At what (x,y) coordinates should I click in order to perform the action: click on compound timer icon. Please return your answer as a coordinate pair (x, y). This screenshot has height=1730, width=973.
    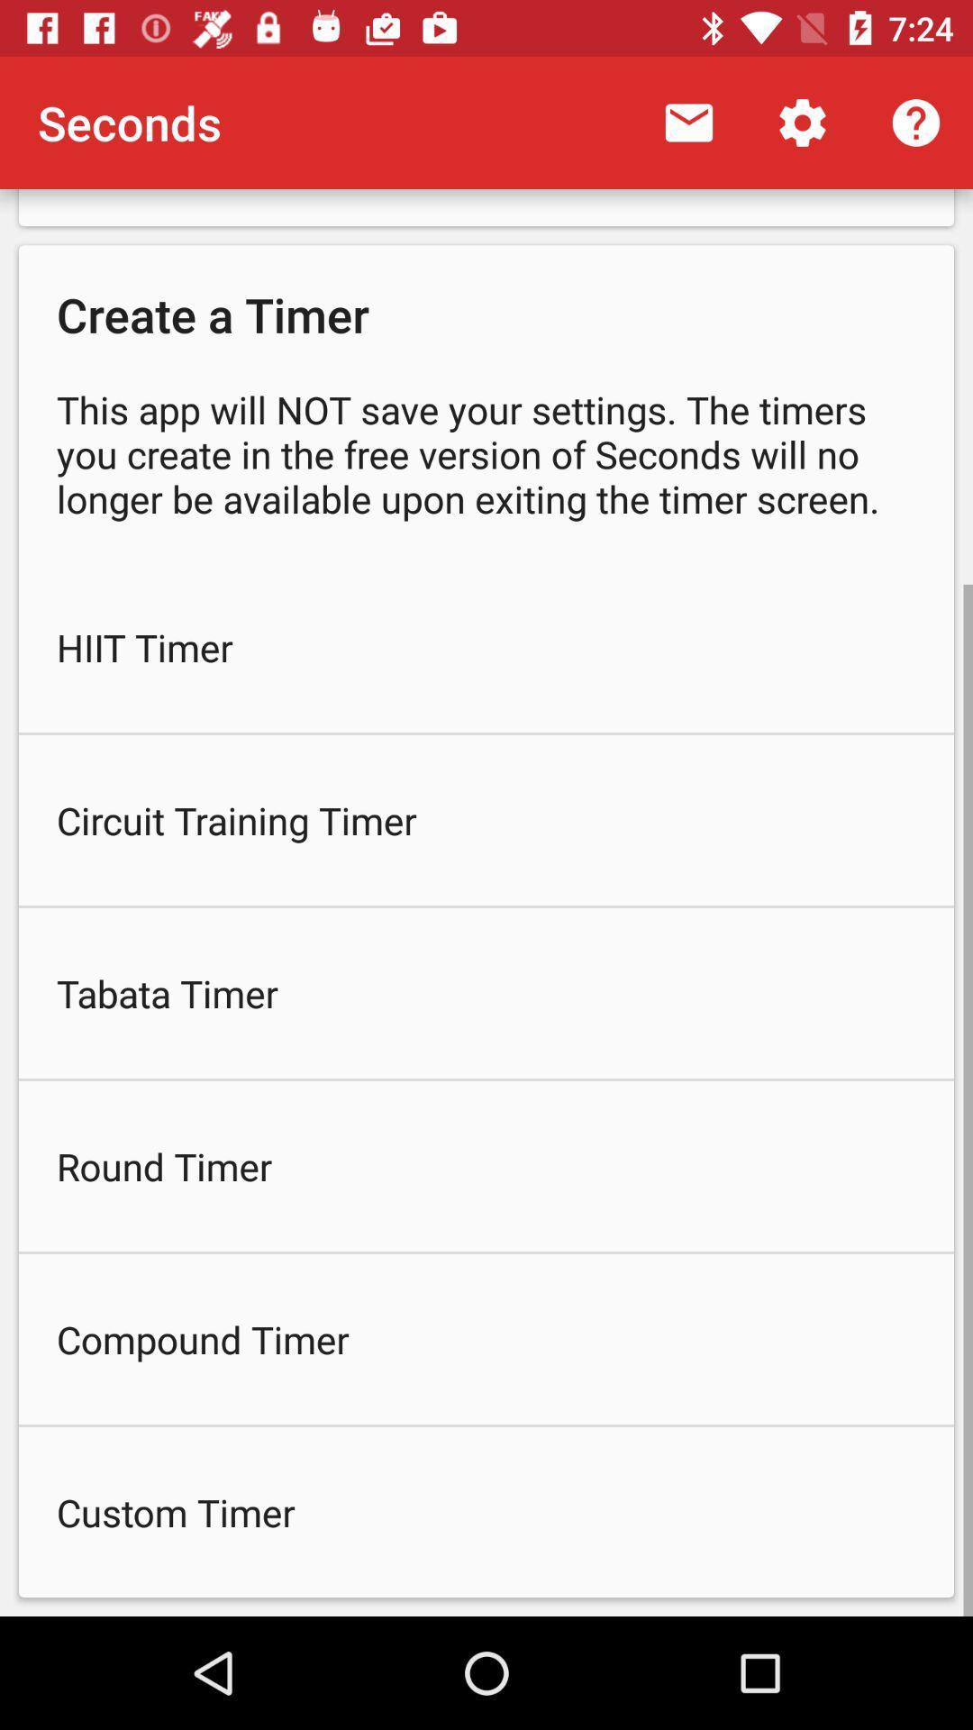
    Looking at the image, I should click on (486, 1339).